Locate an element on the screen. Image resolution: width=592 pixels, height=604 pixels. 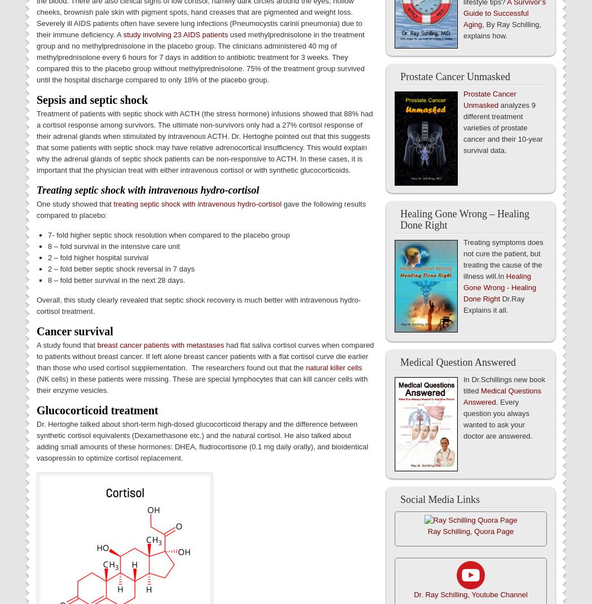
'natural killer cells' is located at coordinates (333, 367).